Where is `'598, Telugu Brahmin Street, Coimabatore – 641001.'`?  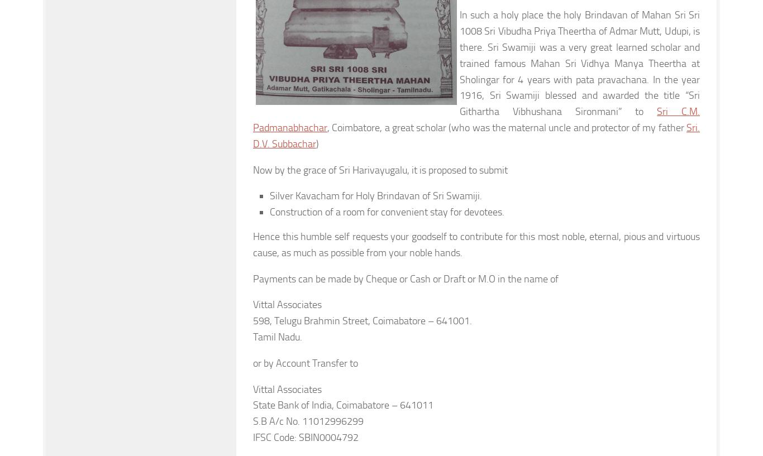
'598, Telugu Brahmin Street, Coimabatore – 641001.' is located at coordinates (361, 321).